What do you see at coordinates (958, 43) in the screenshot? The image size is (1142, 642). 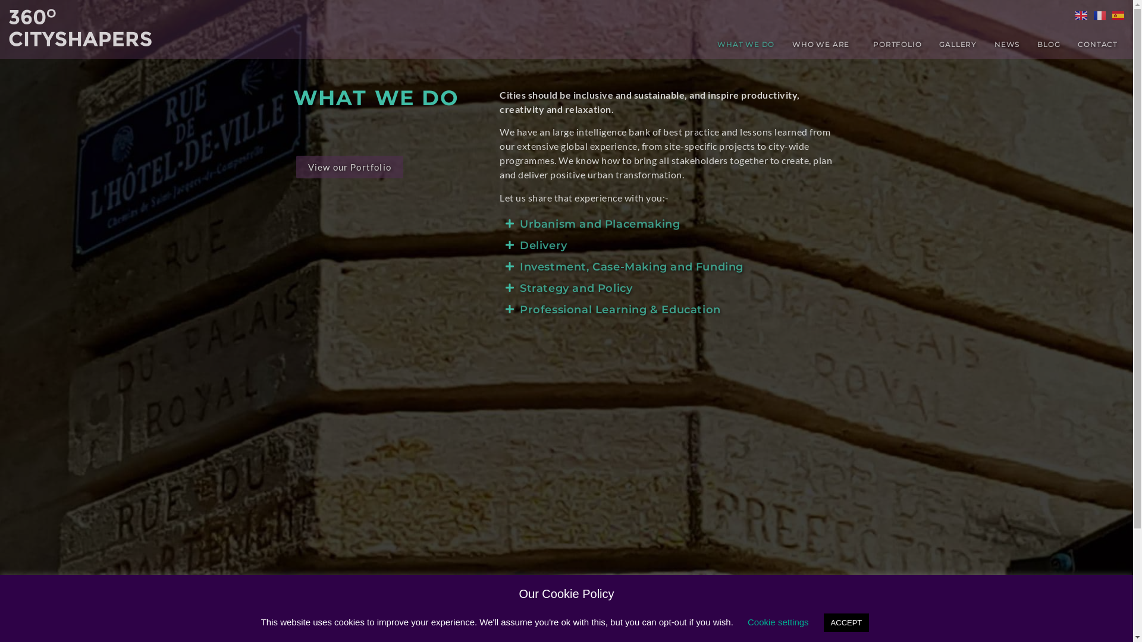 I see `'GALLERY'` at bounding box center [958, 43].